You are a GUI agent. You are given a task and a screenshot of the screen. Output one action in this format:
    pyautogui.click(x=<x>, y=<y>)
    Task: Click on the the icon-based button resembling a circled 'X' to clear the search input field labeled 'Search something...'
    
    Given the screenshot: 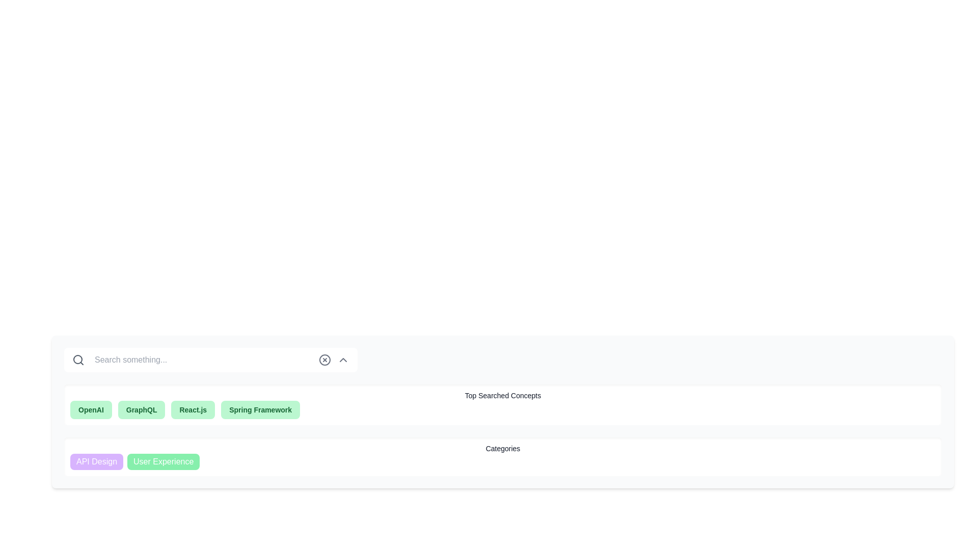 What is the action you would take?
    pyautogui.click(x=324, y=359)
    